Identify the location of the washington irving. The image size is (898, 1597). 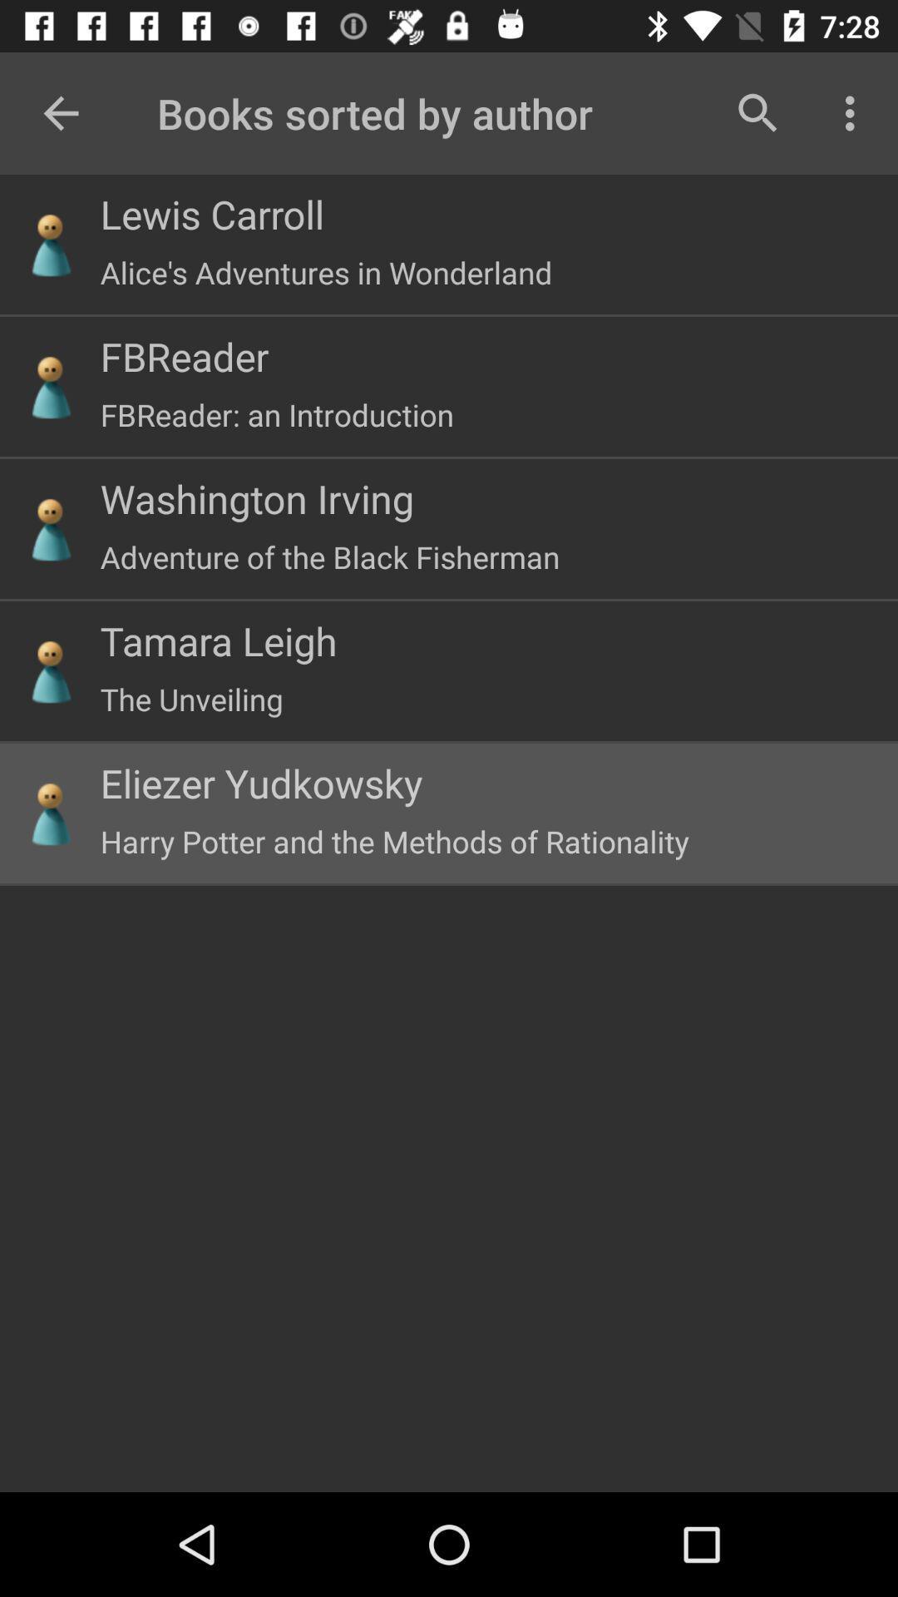
(257, 497).